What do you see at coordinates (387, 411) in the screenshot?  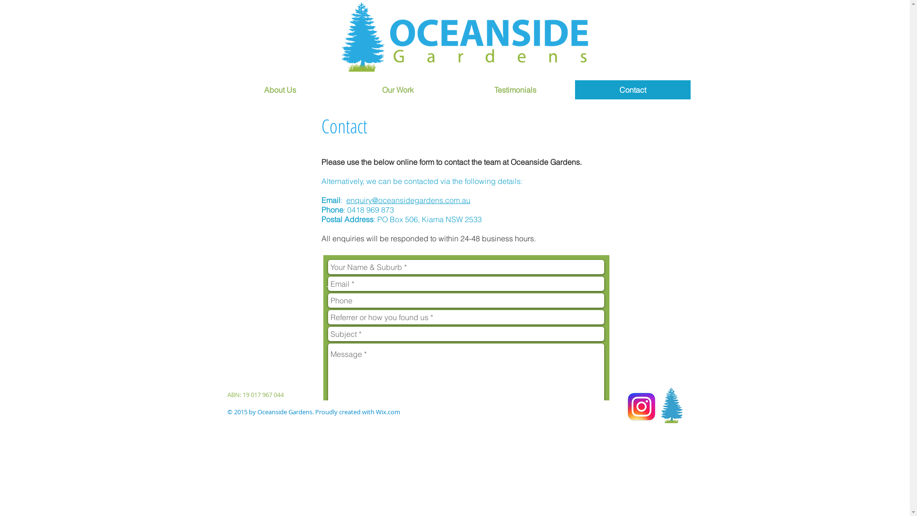 I see `'Wix.com'` at bounding box center [387, 411].